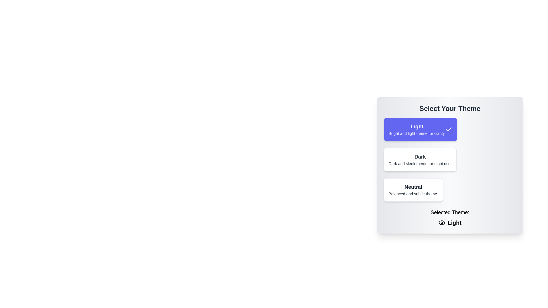 The width and height of the screenshot is (548, 308). I want to click on the third selectable option box labeled 'Neutral', so click(413, 190).